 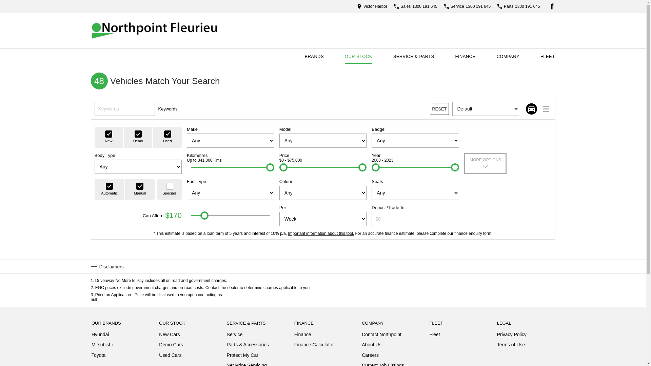 What do you see at coordinates (102, 346) in the screenshot?
I see `'Mitsubishi'` at bounding box center [102, 346].